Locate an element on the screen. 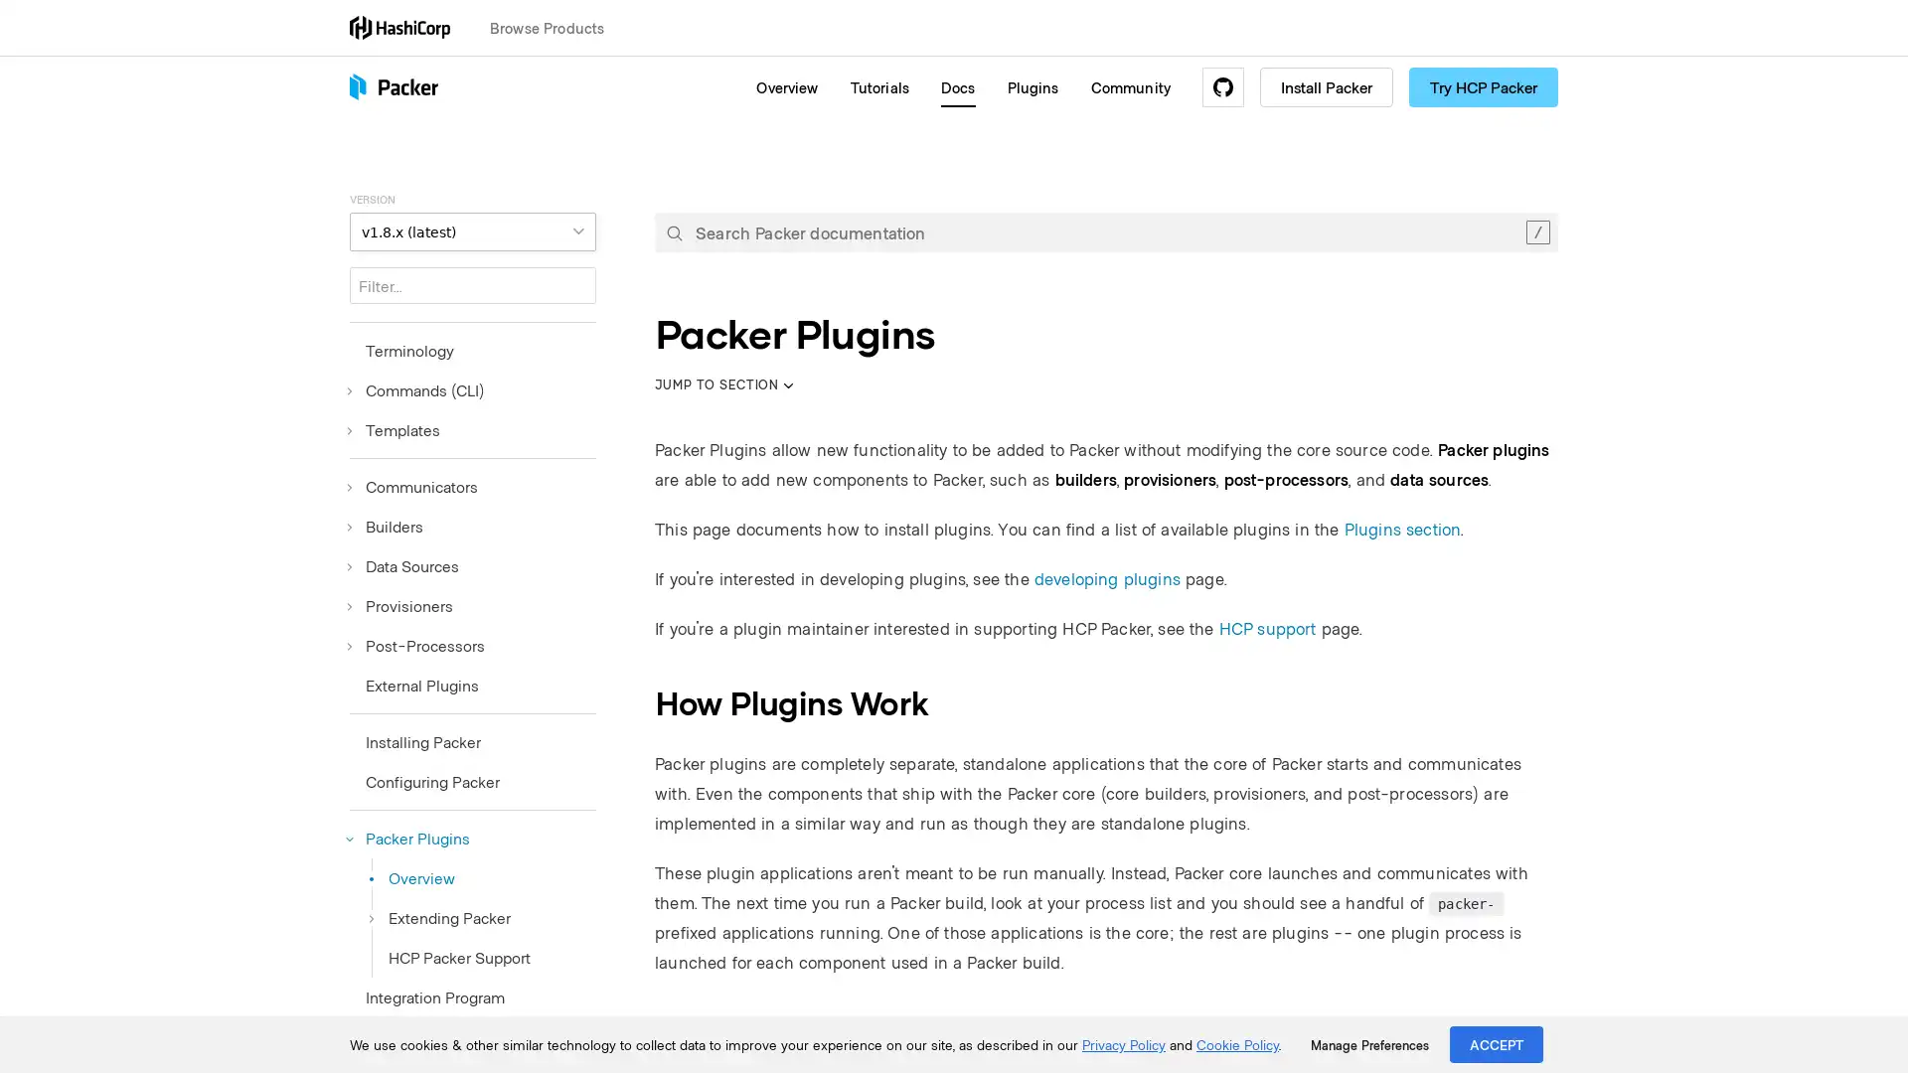 The width and height of the screenshot is (1908, 1073). Post-Processors is located at coordinates (416, 646).